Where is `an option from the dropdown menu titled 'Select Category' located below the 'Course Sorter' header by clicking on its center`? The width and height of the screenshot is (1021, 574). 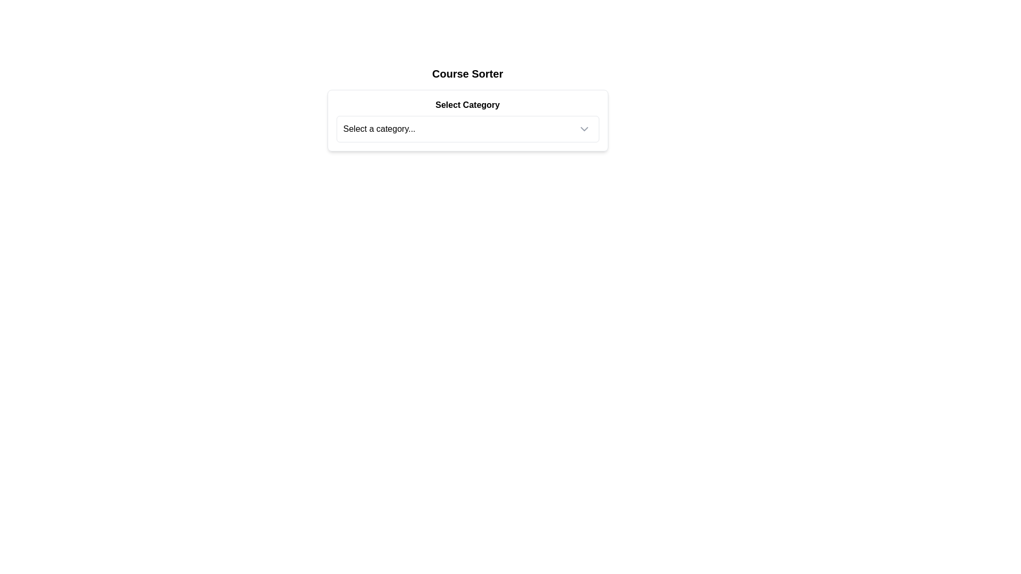
an option from the dropdown menu titled 'Select Category' located below the 'Course Sorter' header by clicking on its center is located at coordinates (467, 120).